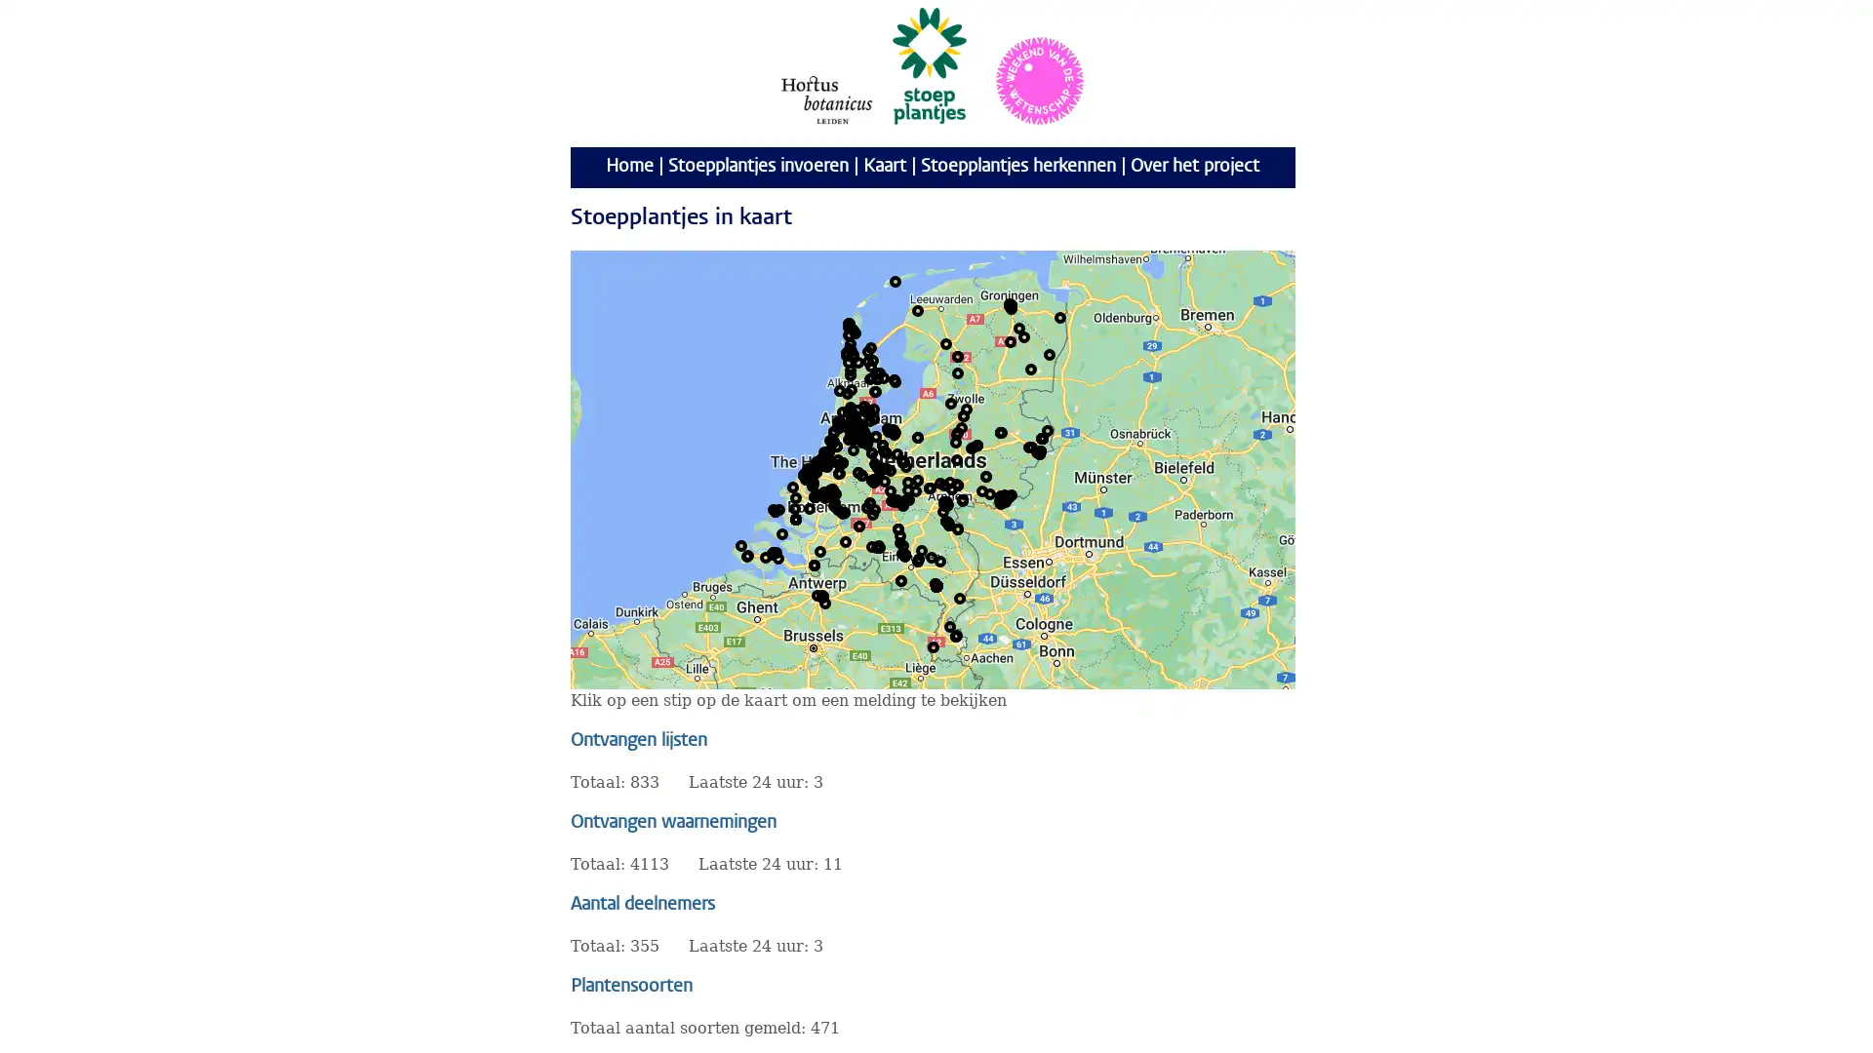 This screenshot has width=1873, height=1053. Describe the element at coordinates (739, 545) in the screenshot. I see `Telling van Mieke Grazell op 23 januari 2022` at that location.